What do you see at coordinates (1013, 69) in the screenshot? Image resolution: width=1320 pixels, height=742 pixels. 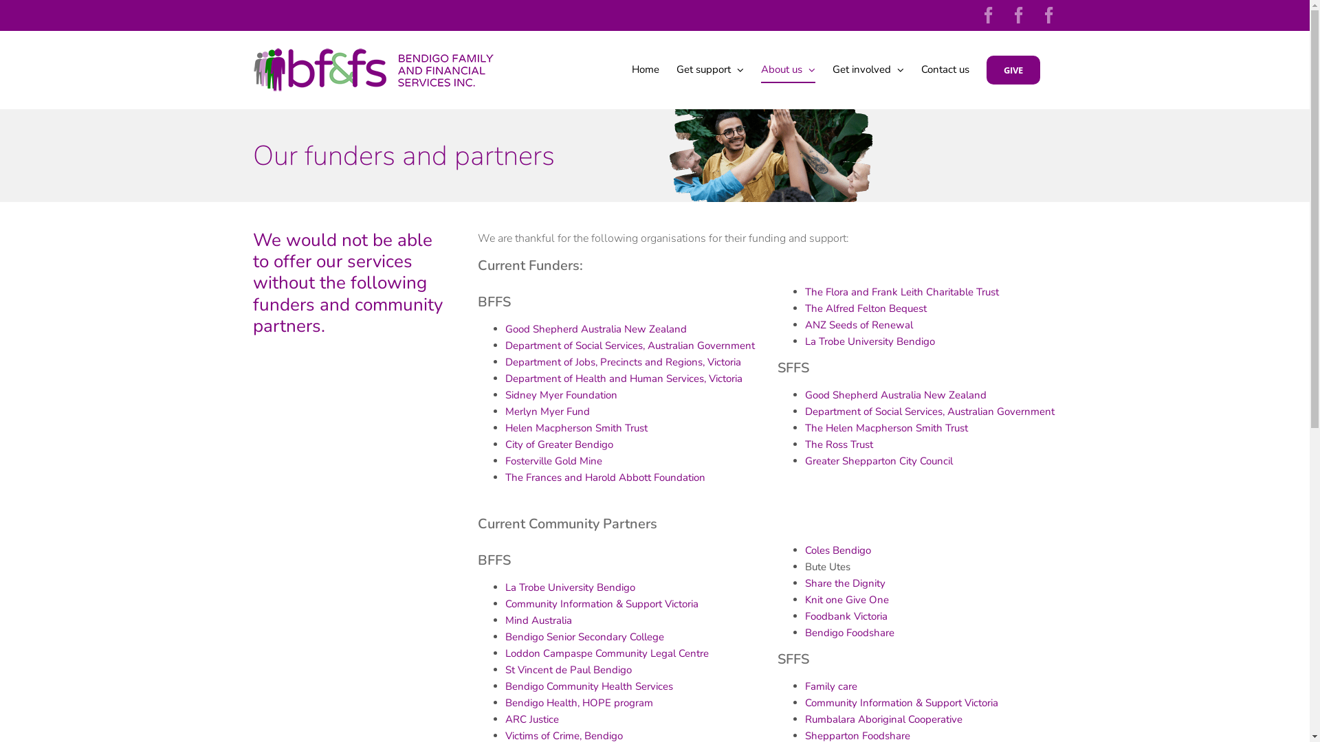 I see `'GIVE'` at bounding box center [1013, 69].